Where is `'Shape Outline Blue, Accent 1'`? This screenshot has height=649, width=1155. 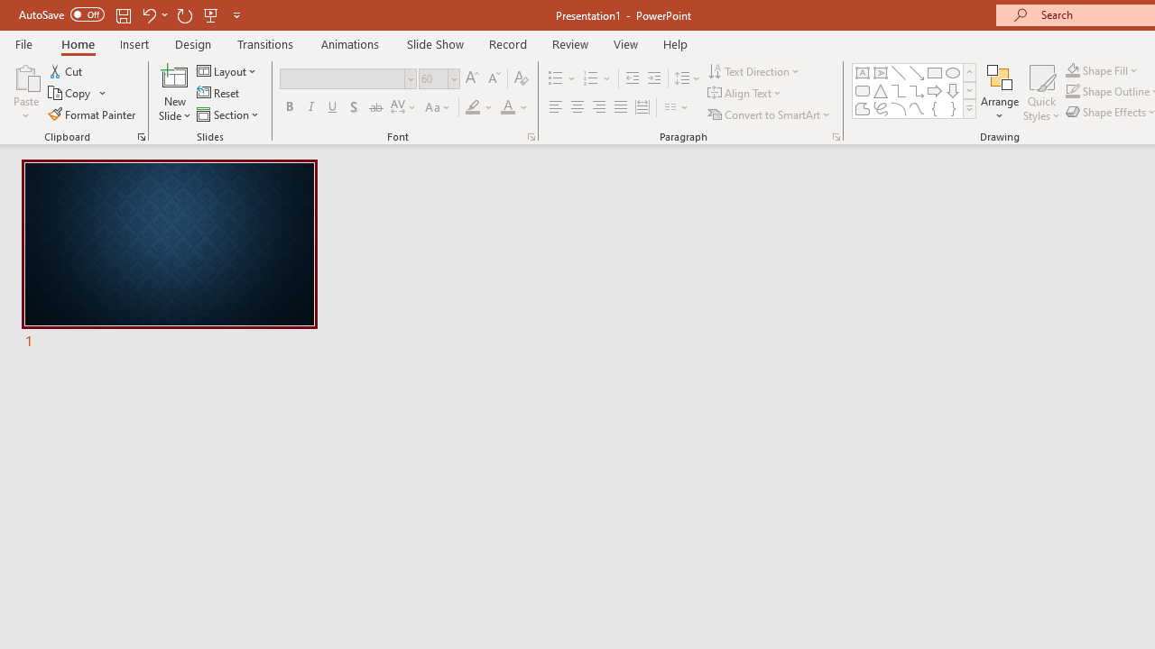
'Shape Outline Blue, Accent 1' is located at coordinates (1073, 91).